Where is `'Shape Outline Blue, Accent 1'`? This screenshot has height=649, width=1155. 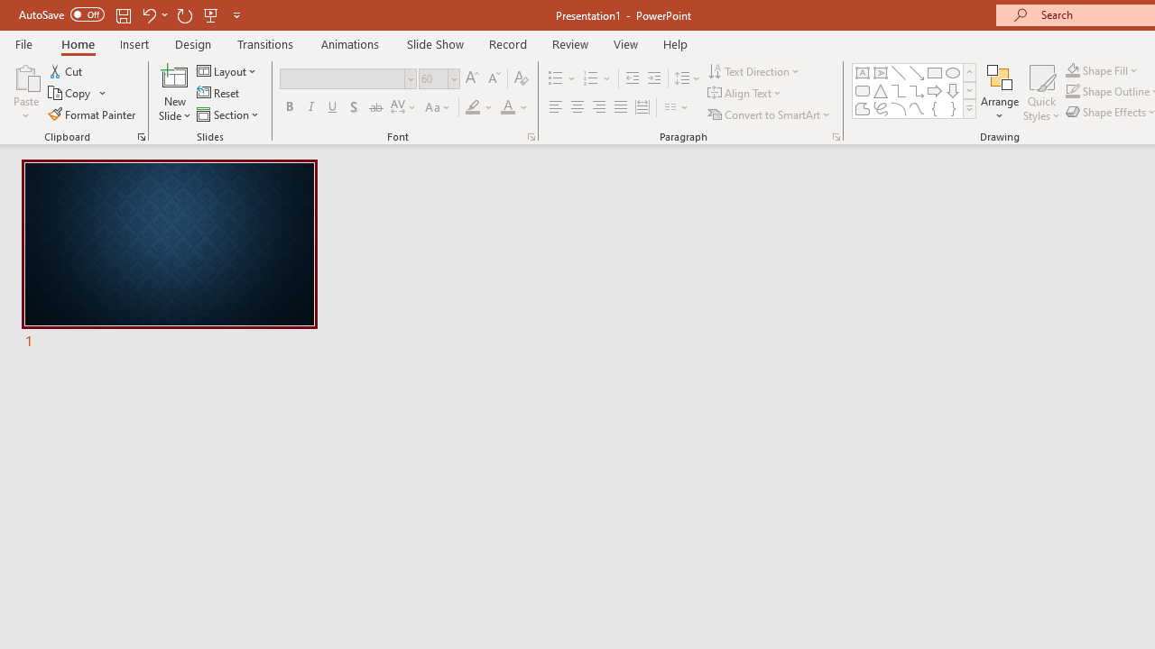
'Shape Outline Blue, Accent 1' is located at coordinates (1073, 91).